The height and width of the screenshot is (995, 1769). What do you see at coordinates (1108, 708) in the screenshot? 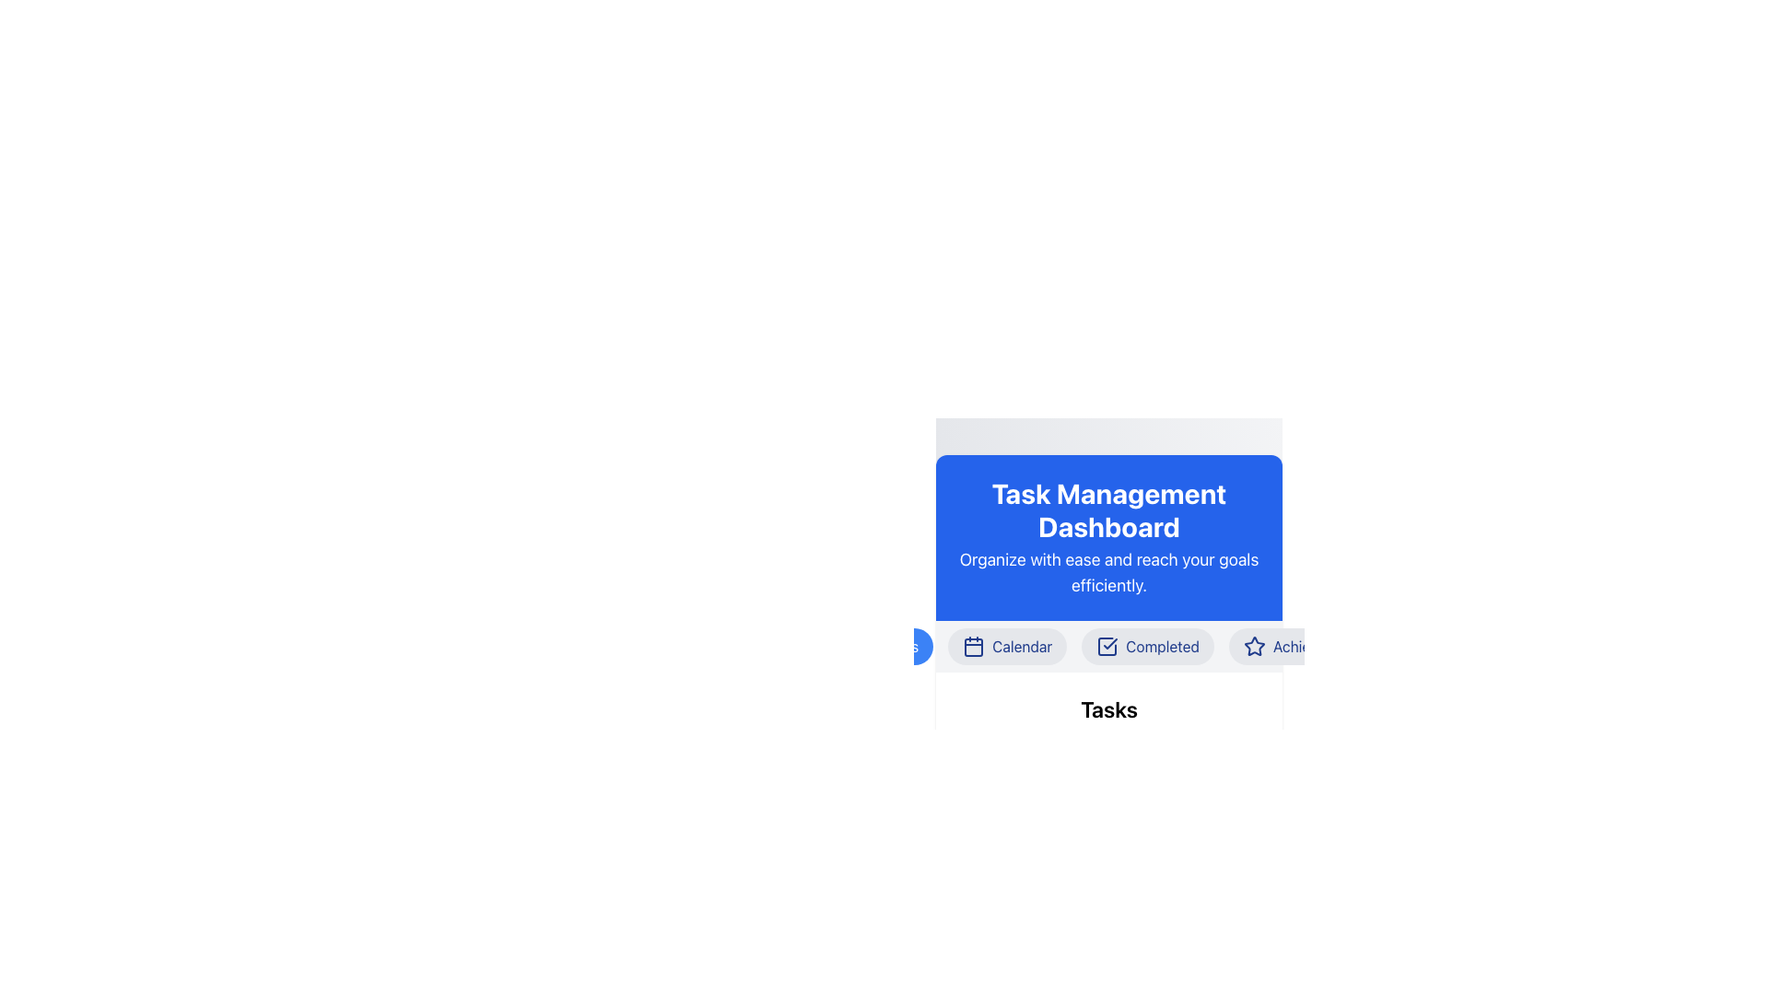
I see `the text label displaying 'Tasks' in a bold 2XL font, which serves as the title of a section and is located near the bottom of a central widget` at bounding box center [1108, 708].